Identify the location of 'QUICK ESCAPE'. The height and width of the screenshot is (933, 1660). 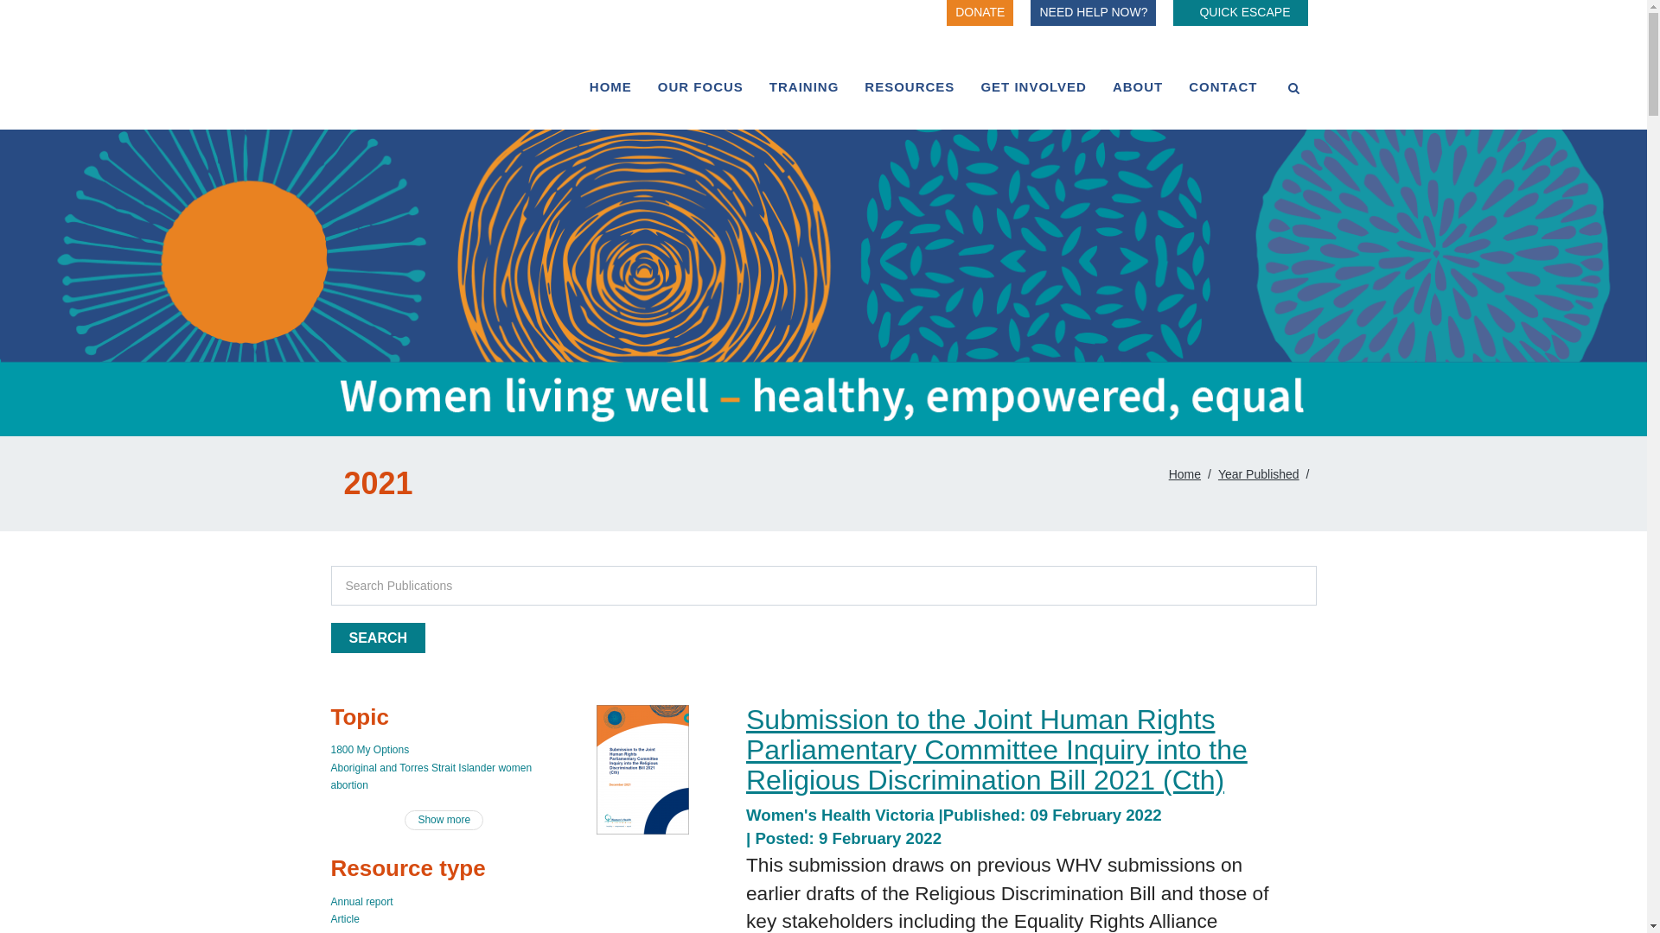
(1239, 13).